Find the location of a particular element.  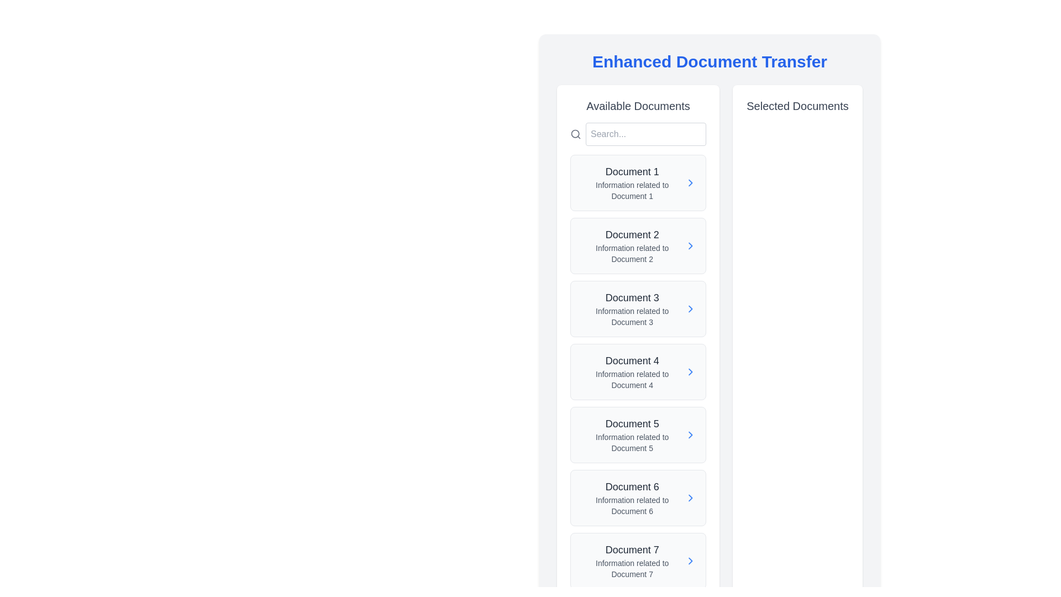

text providing supplementary information for 'Document 2', located beneath the heading in the 'Available Documents' section is located at coordinates (632, 254).